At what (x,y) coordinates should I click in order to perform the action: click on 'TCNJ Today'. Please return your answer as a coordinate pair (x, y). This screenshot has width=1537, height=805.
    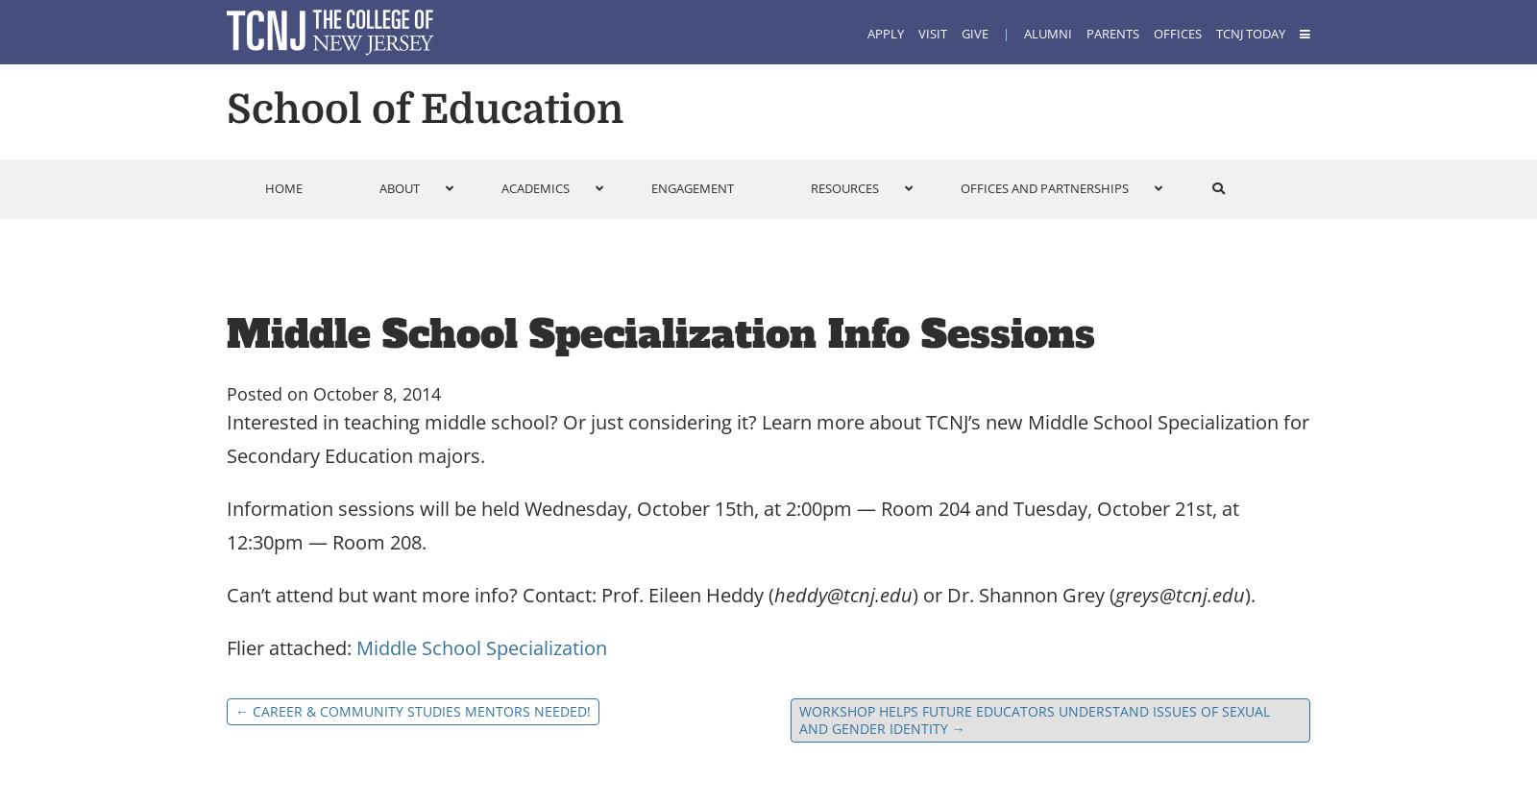
    Looking at the image, I should click on (1213, 34).